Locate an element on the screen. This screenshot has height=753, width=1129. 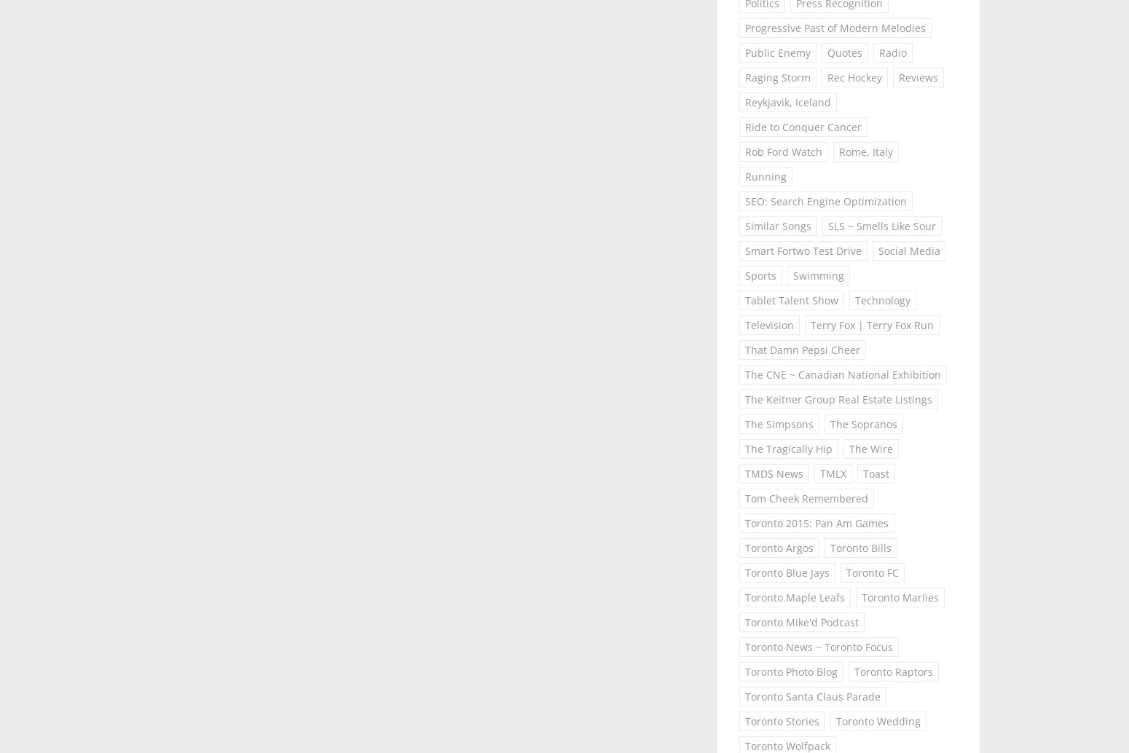
'Progressive Past of Modern Melodies' is located at coordinates (835, 28).